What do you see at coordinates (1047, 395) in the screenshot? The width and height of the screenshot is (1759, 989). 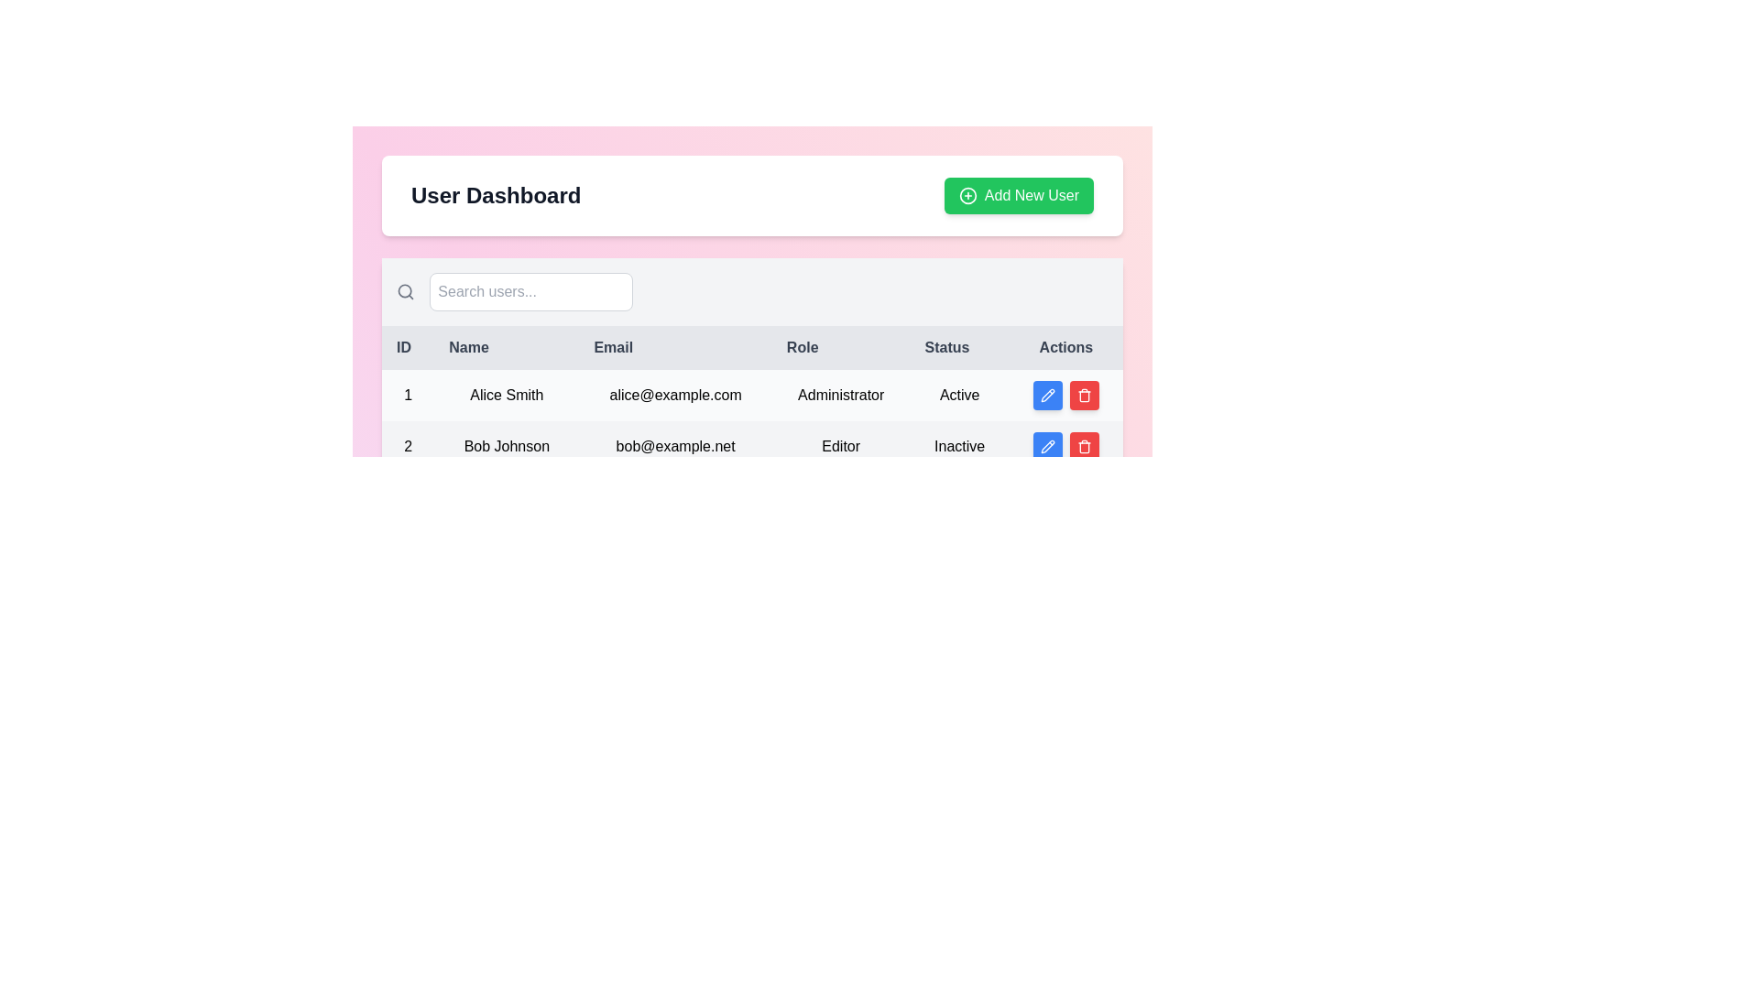 I see `the compact rectangular blue button with a pencil icon in the 'Actions' column of the user table to initiate editing of the user details` at bounding box center [1047, 395].